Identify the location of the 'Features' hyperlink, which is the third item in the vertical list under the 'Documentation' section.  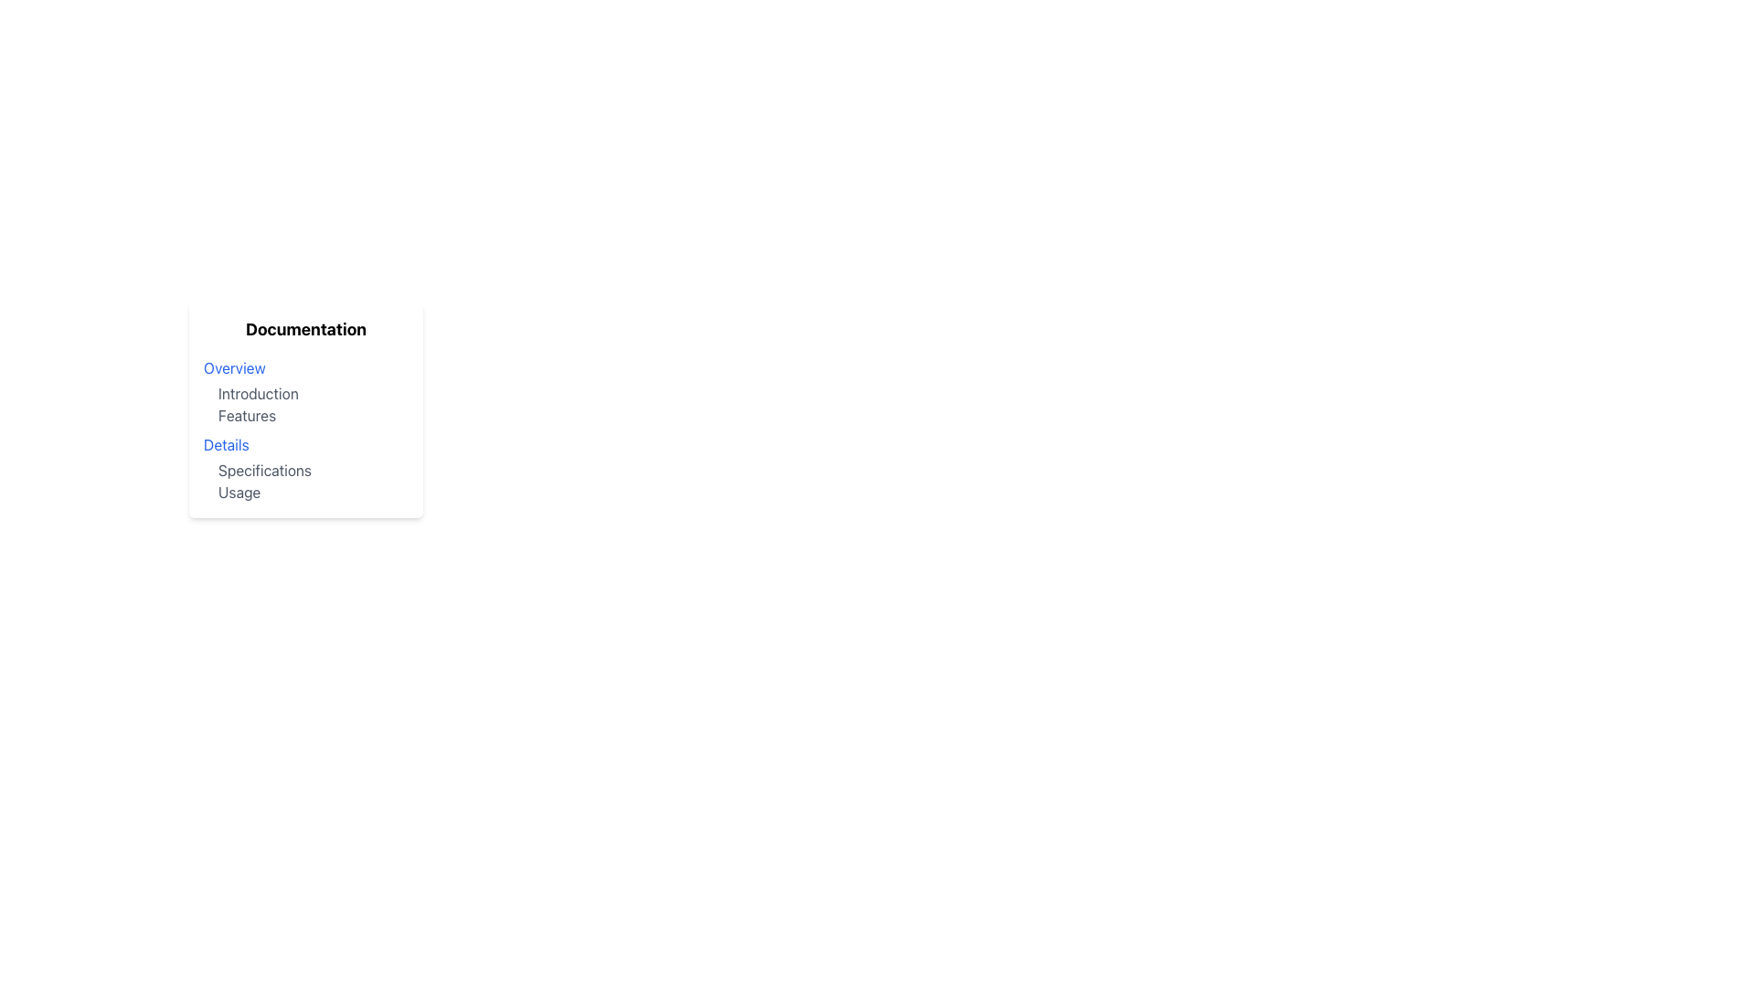
(246, 416).